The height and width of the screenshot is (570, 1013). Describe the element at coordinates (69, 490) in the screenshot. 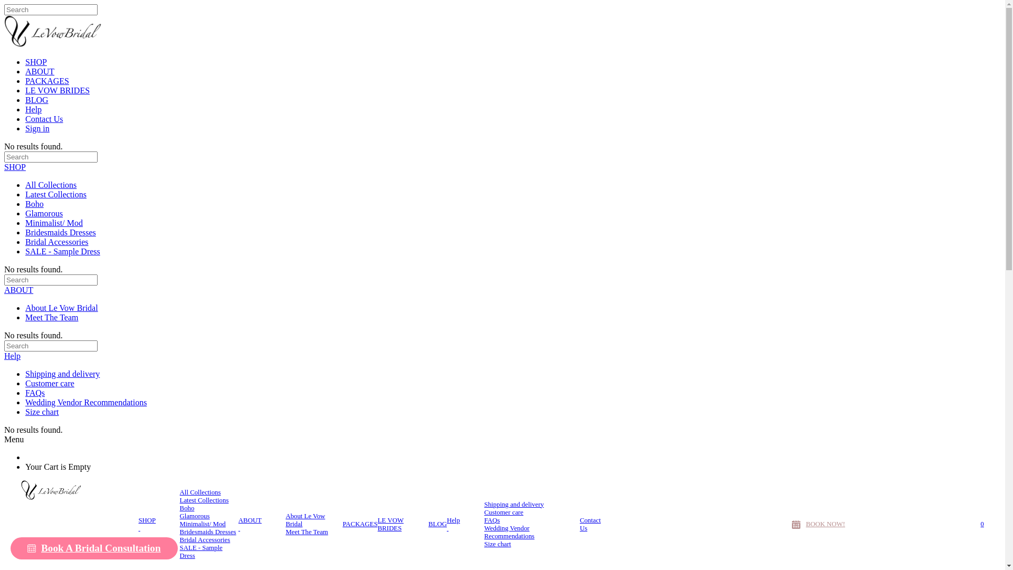

I see `'Le Vow Bridal'` at that location.